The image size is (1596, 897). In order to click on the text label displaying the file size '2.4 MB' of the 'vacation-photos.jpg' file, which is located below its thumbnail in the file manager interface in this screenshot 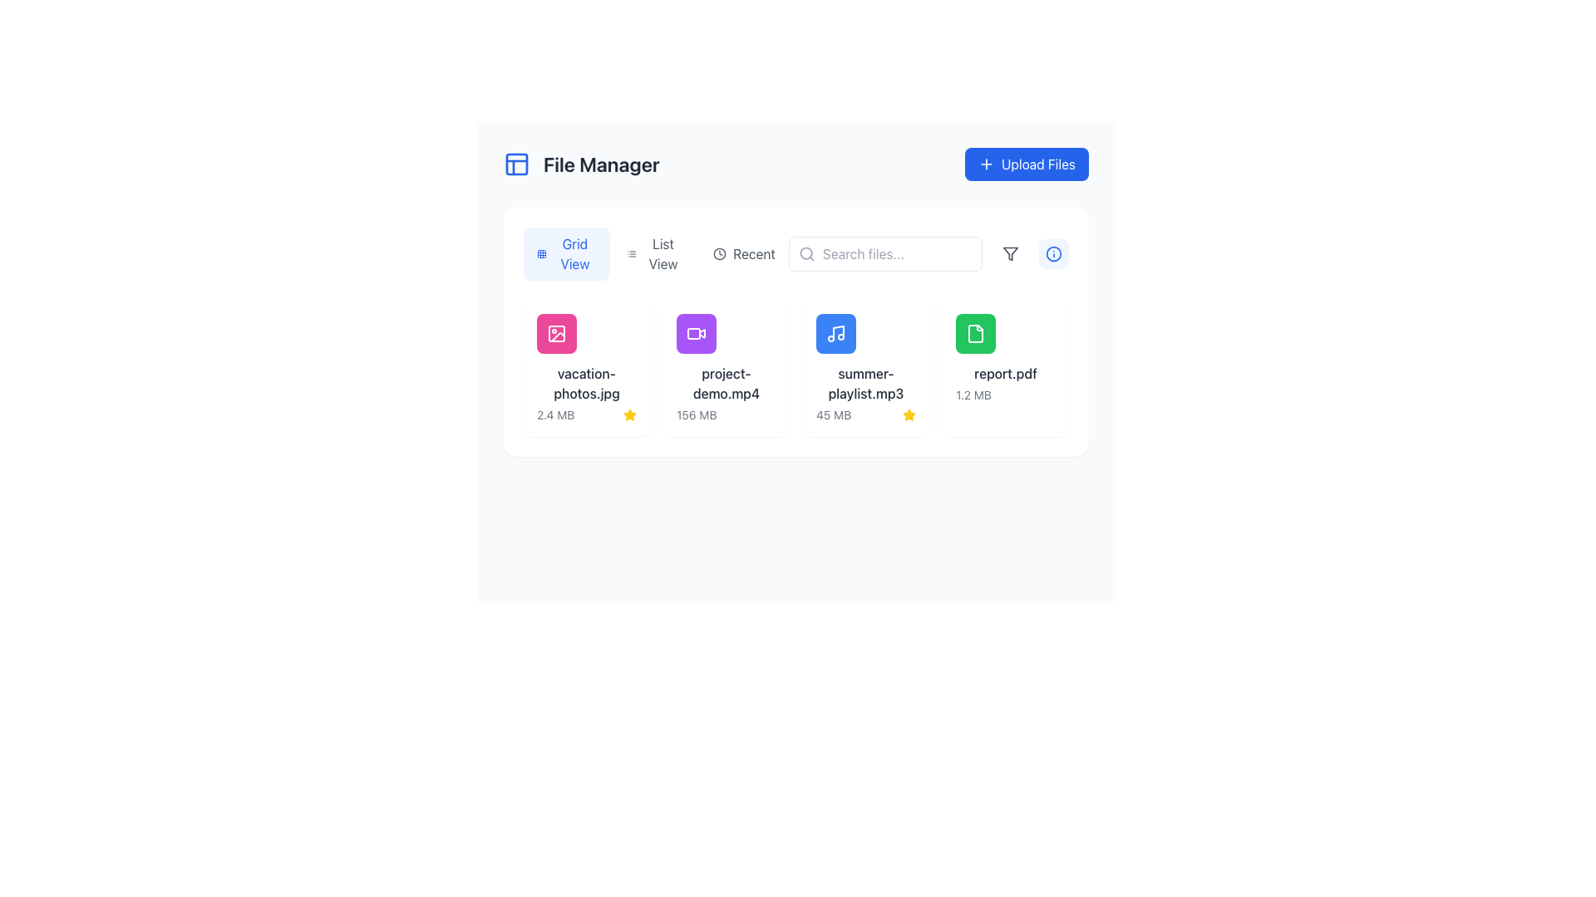, I will do `click(555, 414)`.